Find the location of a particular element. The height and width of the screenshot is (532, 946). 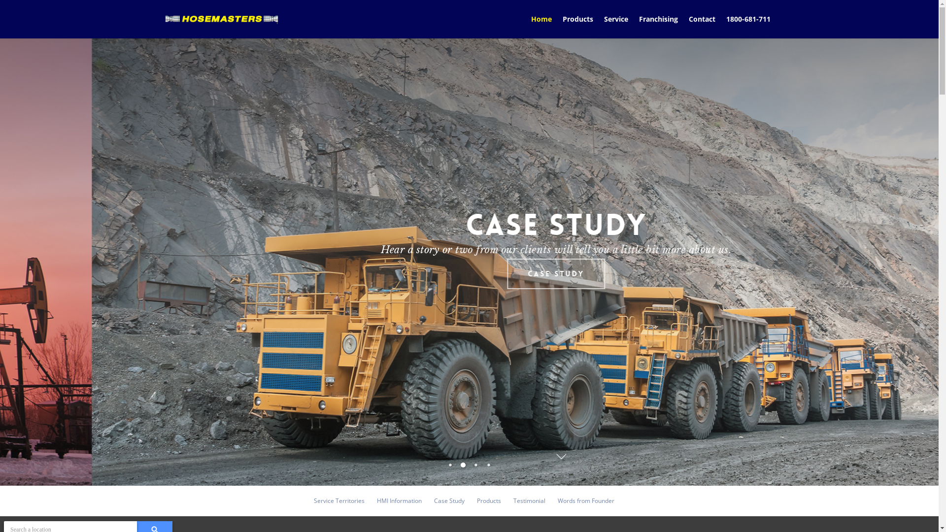

'Home' is located at coordinates (541, 26).